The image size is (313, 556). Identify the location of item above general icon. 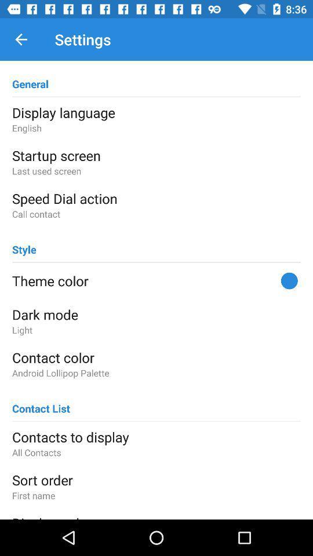
(21, 39).